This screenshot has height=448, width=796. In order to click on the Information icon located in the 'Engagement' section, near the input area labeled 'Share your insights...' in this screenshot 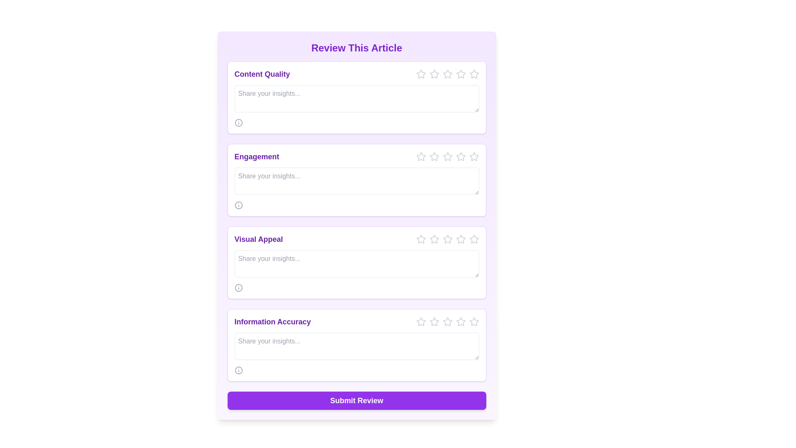, I will do `click(238, 205)`.